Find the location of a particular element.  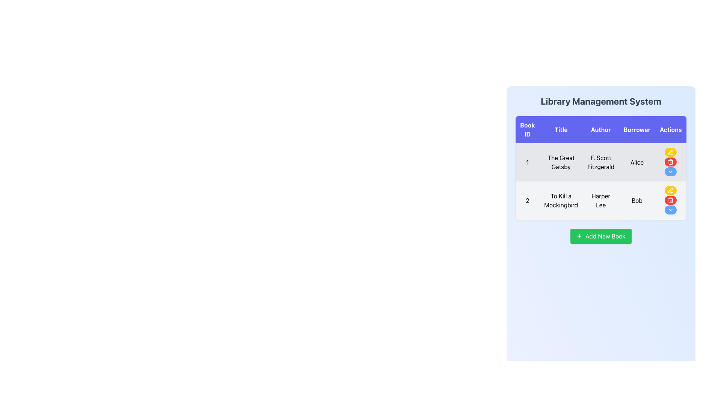

the button located below the table displaying book information is located at coordinates (601, 235).